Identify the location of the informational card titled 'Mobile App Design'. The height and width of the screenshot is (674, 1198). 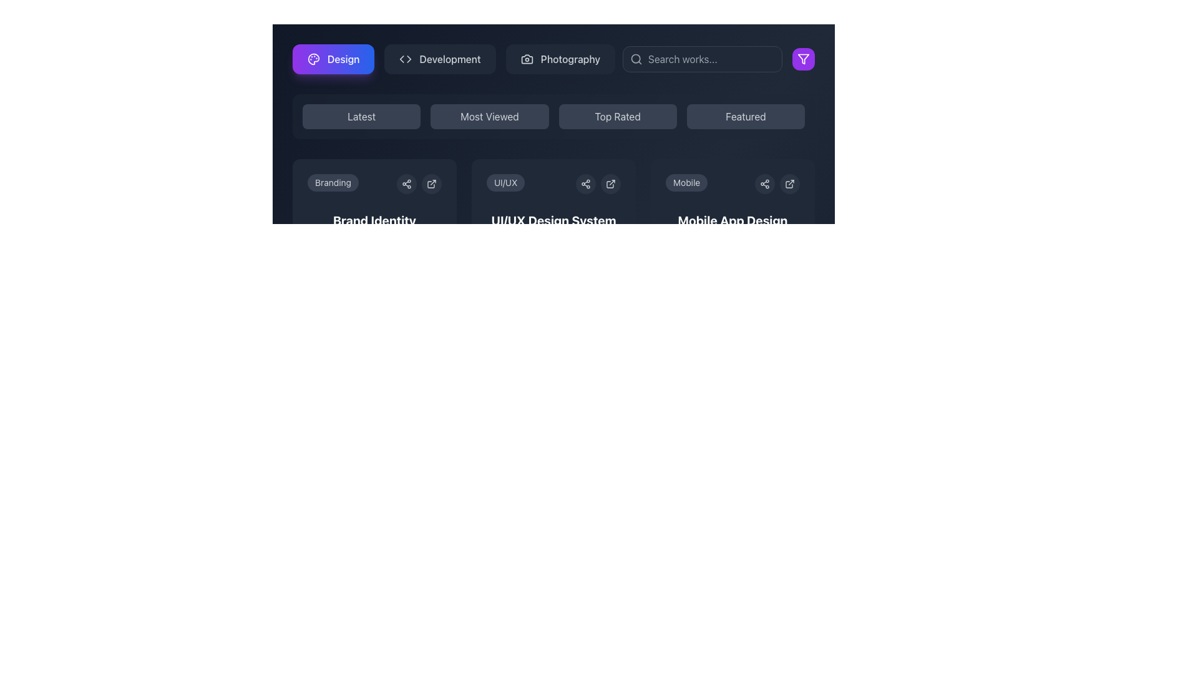
(733, 240).